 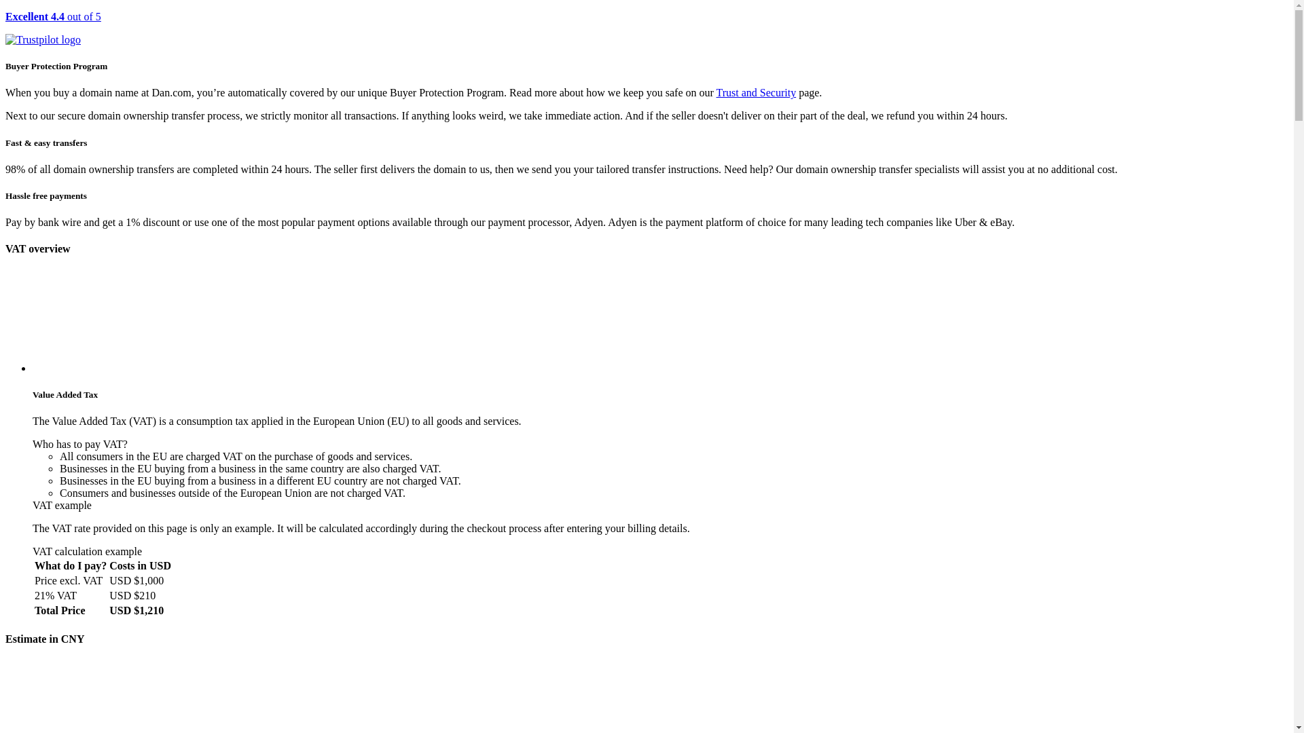 What do you see at coordinates (755, 92) in the screenshot?
I see `'Trust and Security'` at bounding box center [755, 92].